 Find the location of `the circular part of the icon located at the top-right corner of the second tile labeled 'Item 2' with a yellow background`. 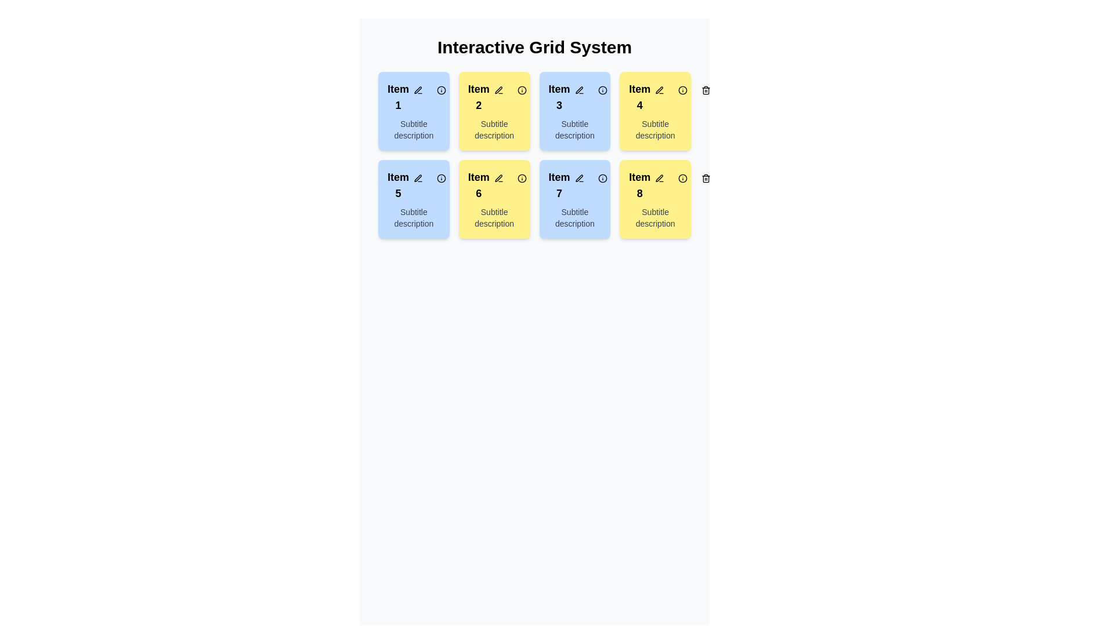

the circular part of the icon located at the top-right corner of the second tile labeled 'Item 2' with a yellow background is located at coordinates (521, 89).